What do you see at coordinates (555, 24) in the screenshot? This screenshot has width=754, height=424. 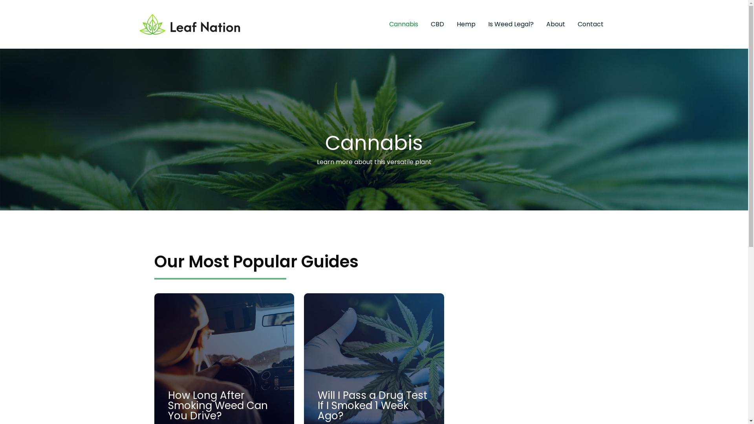 I see `'About'` at bounding box center [555, 24].